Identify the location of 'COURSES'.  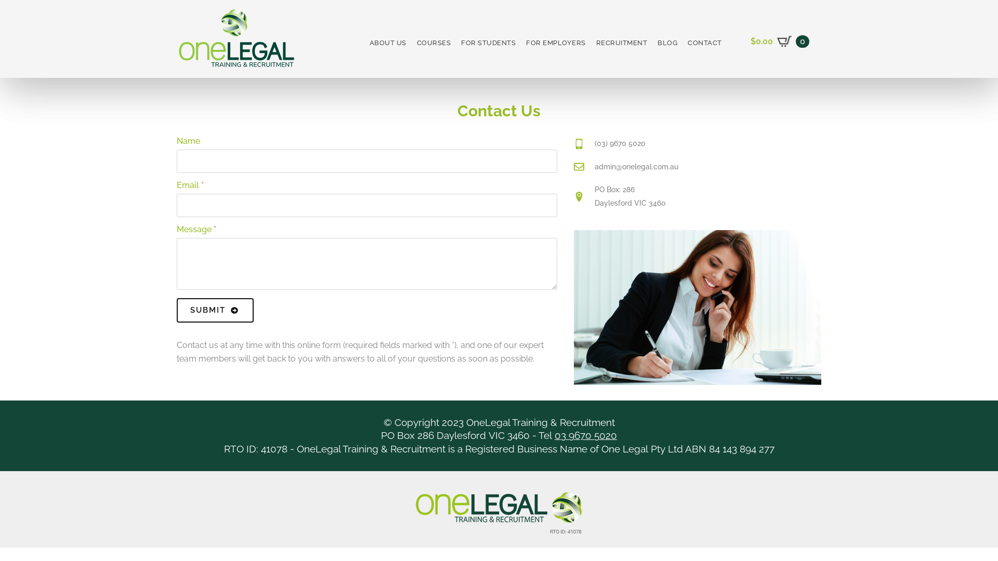
(434, 42).